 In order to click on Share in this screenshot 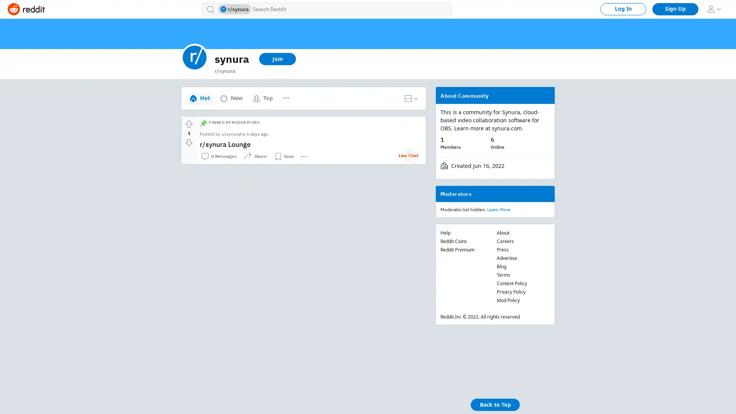, I will do `click(255, 156)`.